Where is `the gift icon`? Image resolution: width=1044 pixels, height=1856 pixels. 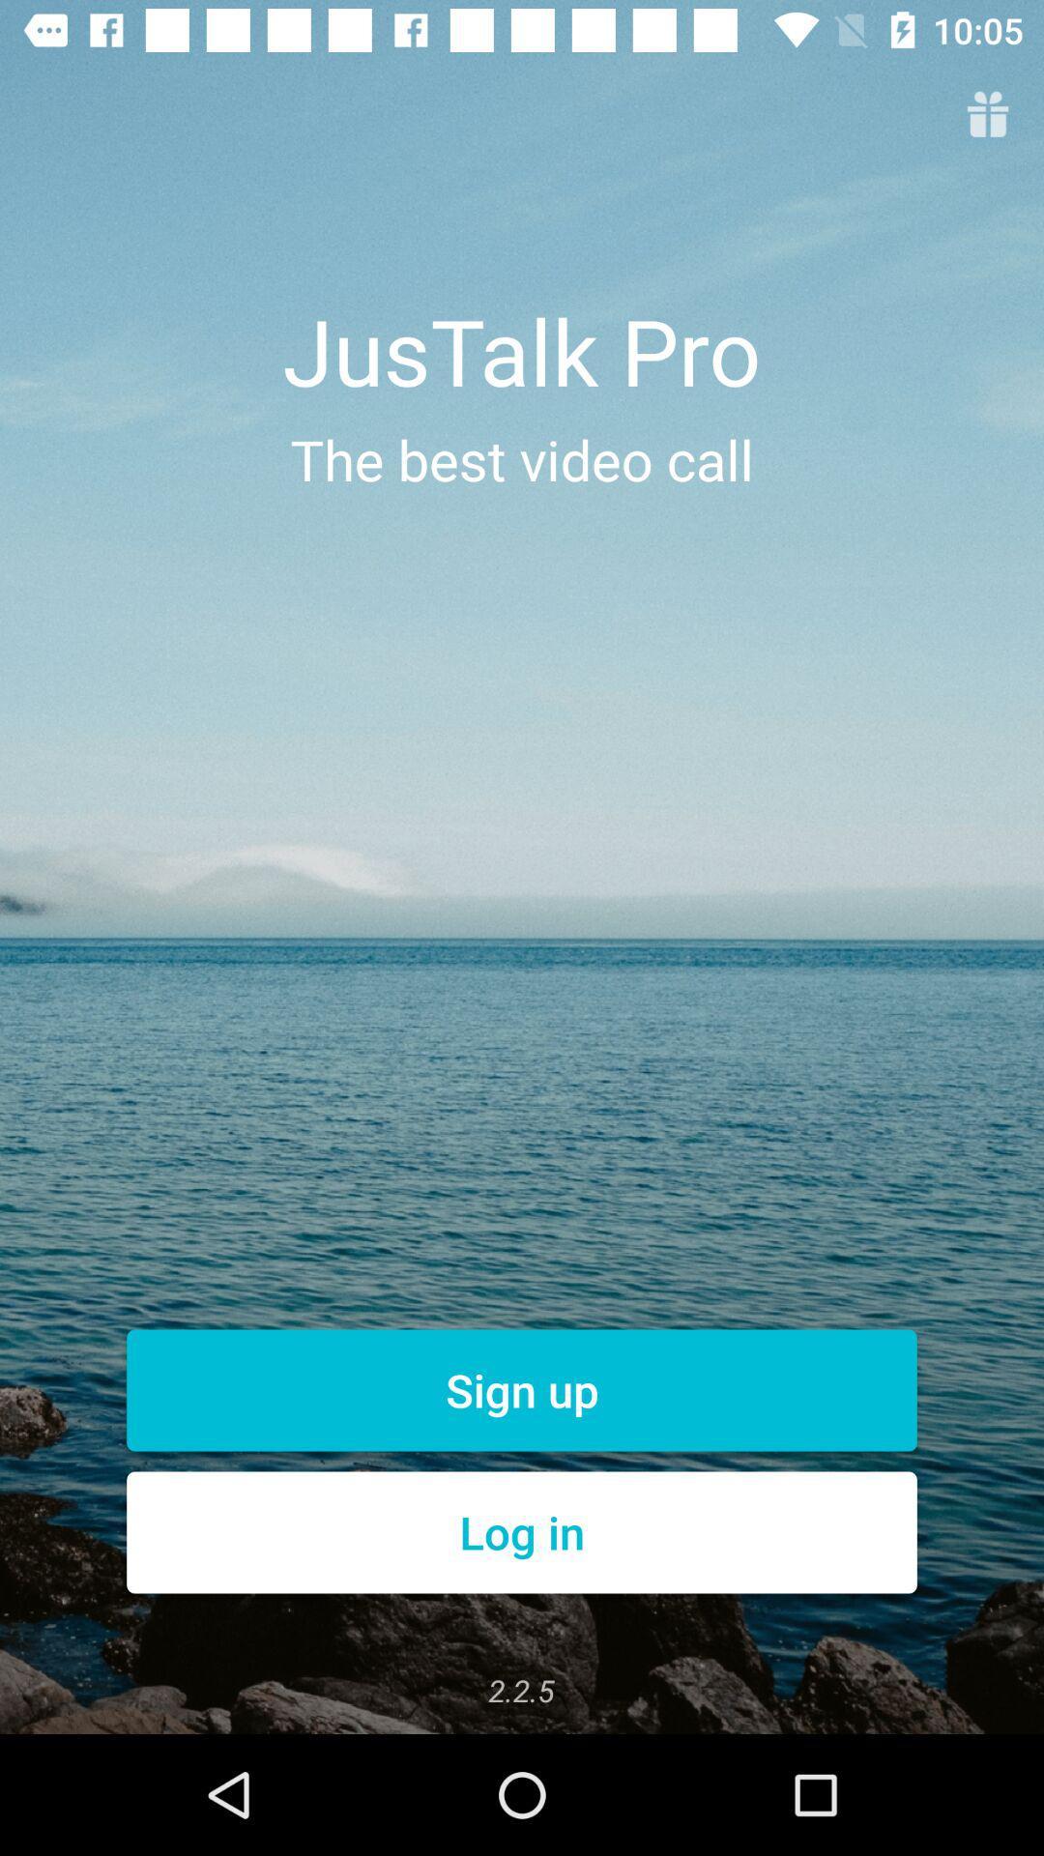
the gift icon is located at coordinates (988, 115).